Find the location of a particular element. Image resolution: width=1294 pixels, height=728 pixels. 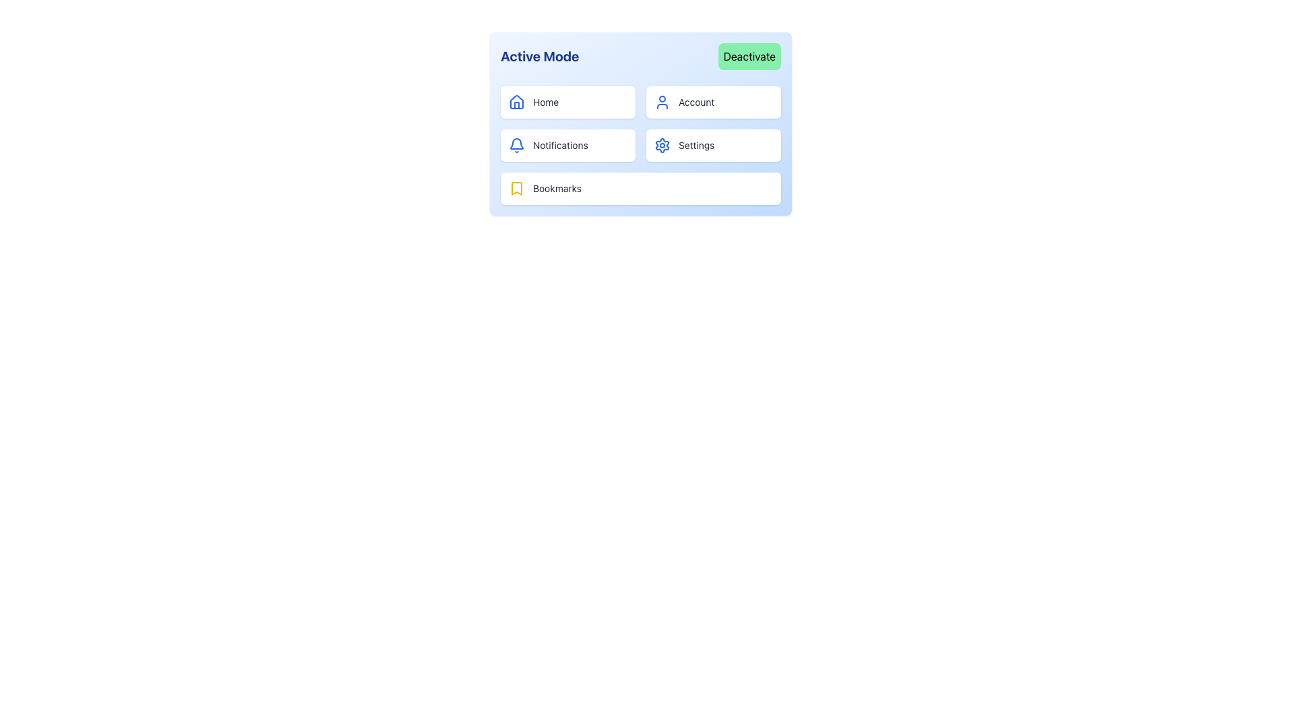

the 'Settings' text label, which is styled in a small gray font and positioned next to a blue cogwheel icon in the bottom-right quadrant of the interface is located at coordinates (696, 146).